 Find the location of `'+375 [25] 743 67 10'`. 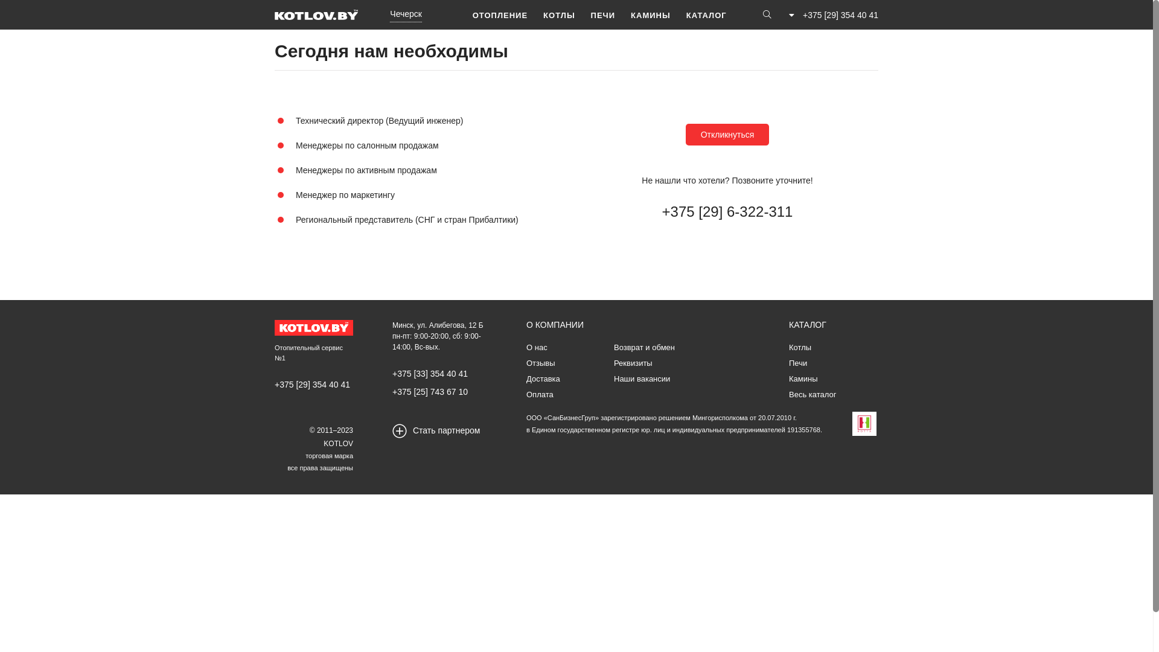

'+375 [25] 743 67 10' is located at coordinates (430, 391).